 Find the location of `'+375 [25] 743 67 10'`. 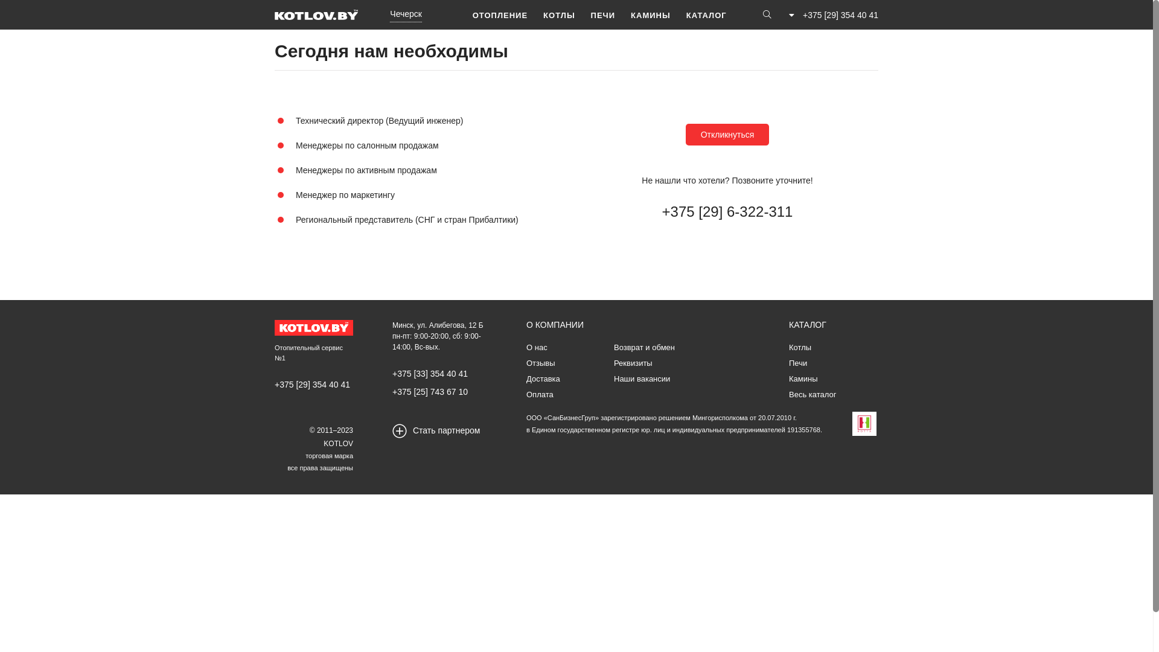

'+375 [25] 743 67 10' is located at coordinates (430, 391).